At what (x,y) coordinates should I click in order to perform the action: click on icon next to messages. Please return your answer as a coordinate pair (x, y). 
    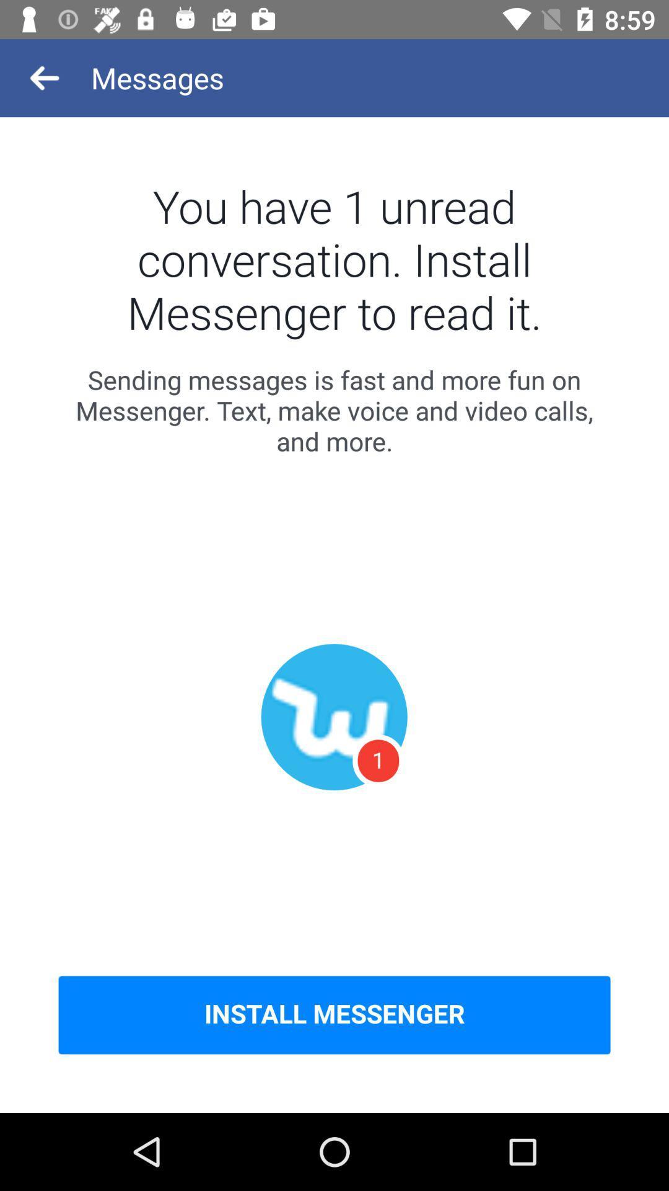
    Looking at the image, I should click on (45, 77).